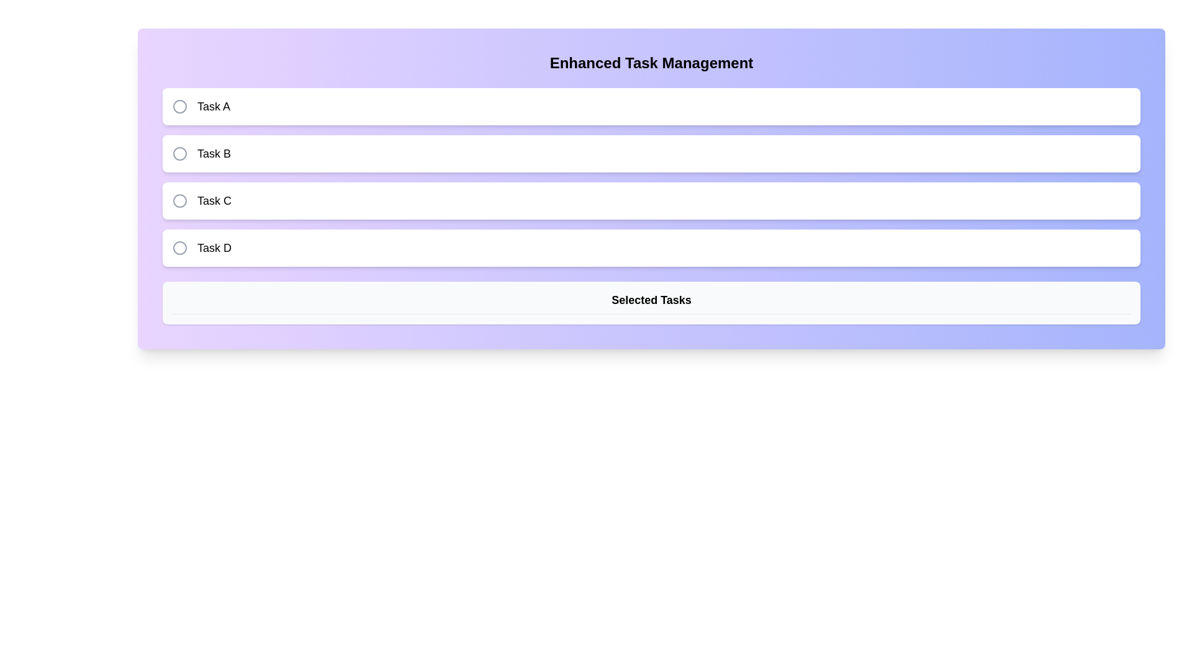  I want to click on the third selectable task item representing 'Task C' to initiate a related action, so click(651, 200).